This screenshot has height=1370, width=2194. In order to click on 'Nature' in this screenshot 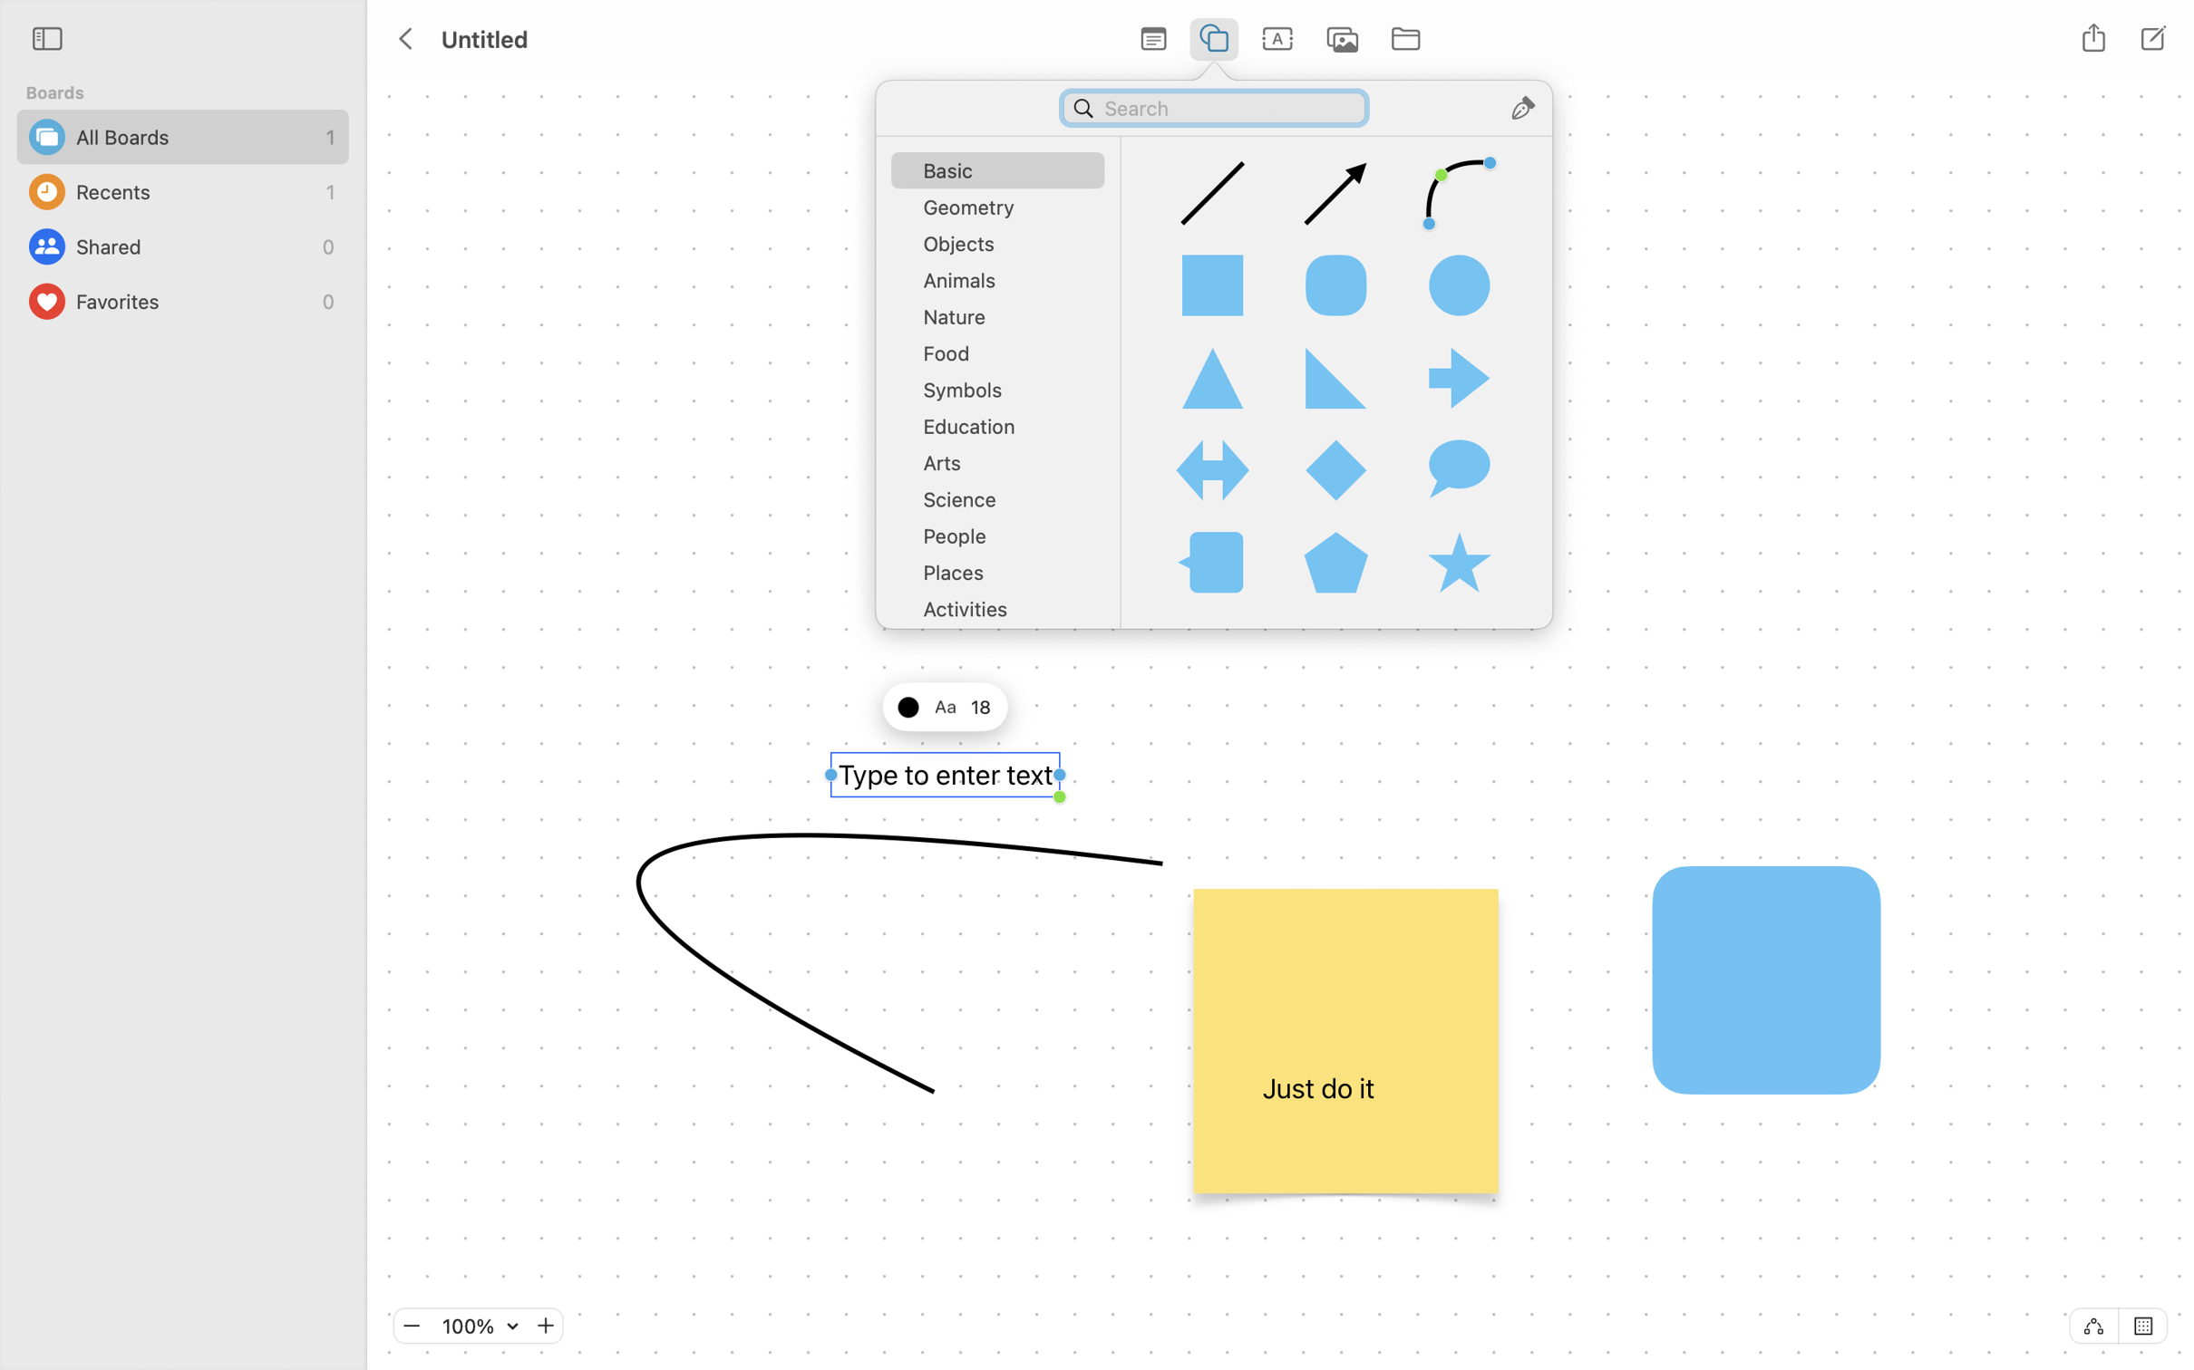, I will do `click(1004, 322)`.